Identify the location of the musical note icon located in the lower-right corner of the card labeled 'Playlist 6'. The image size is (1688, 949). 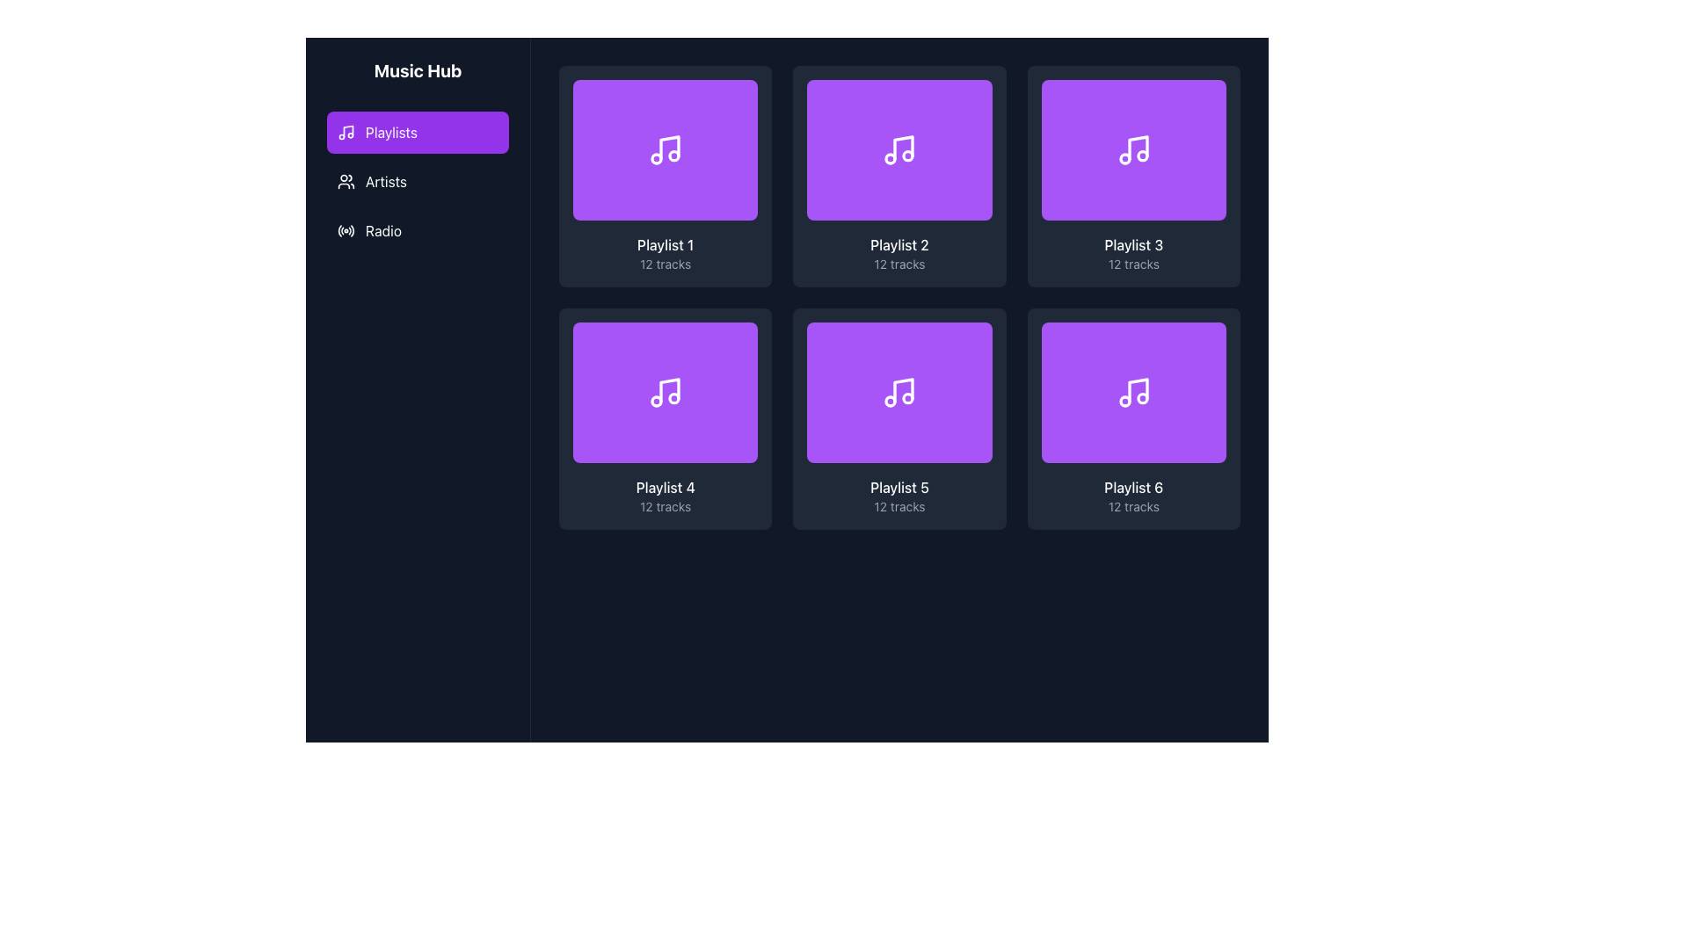
(1133, 392).